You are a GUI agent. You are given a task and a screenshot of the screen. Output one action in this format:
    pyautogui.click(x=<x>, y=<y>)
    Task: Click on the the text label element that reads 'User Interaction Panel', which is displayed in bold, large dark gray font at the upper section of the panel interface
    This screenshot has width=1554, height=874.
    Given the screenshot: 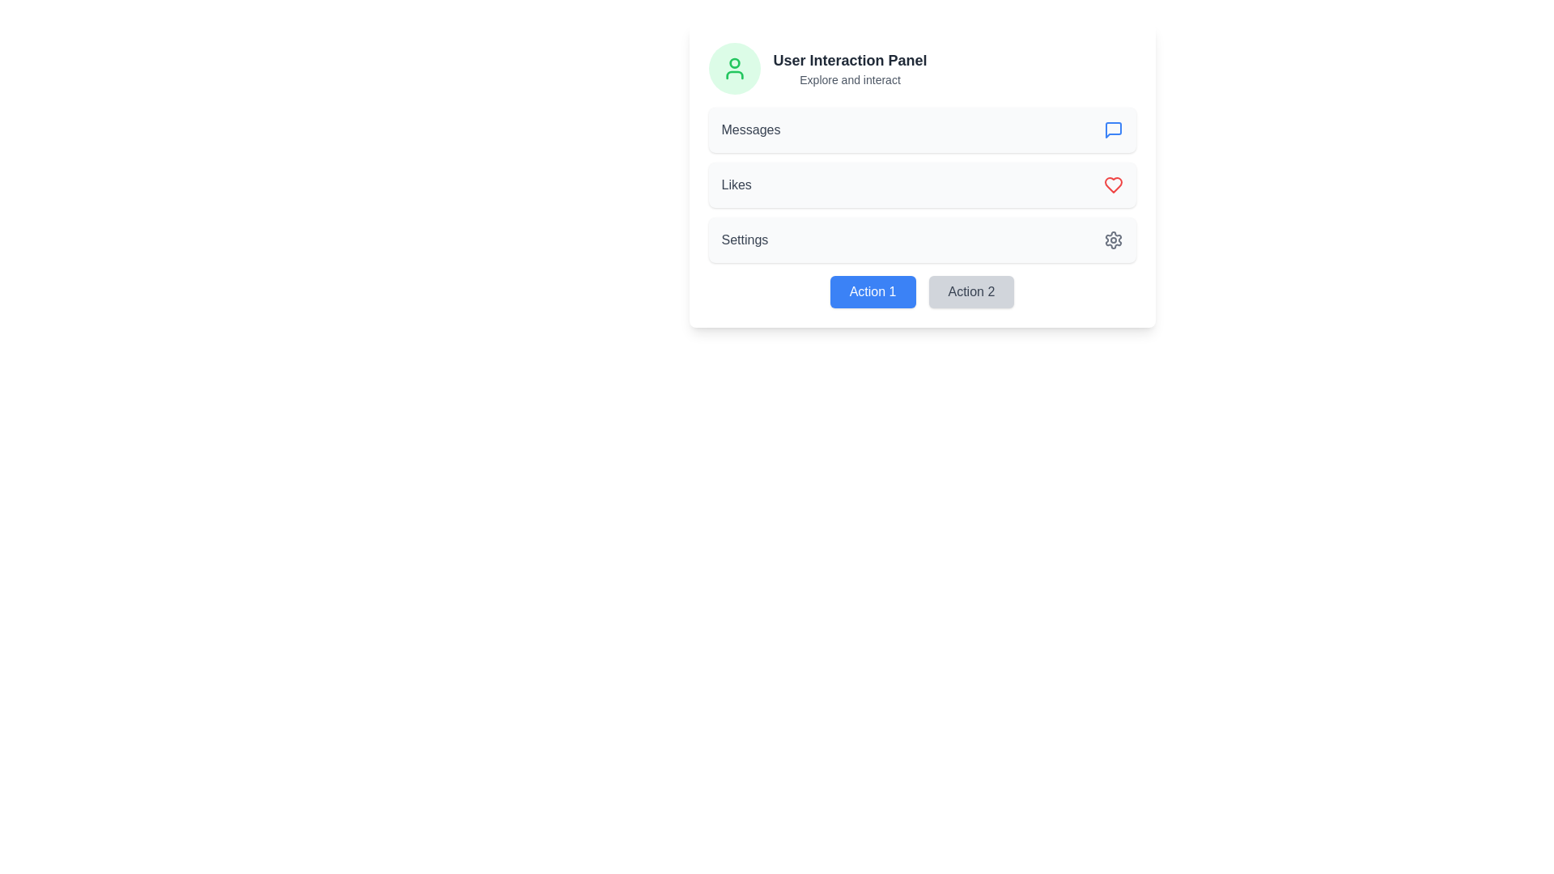 What is the action you would take?
    pyautogui.click(x=849, y=59)
    